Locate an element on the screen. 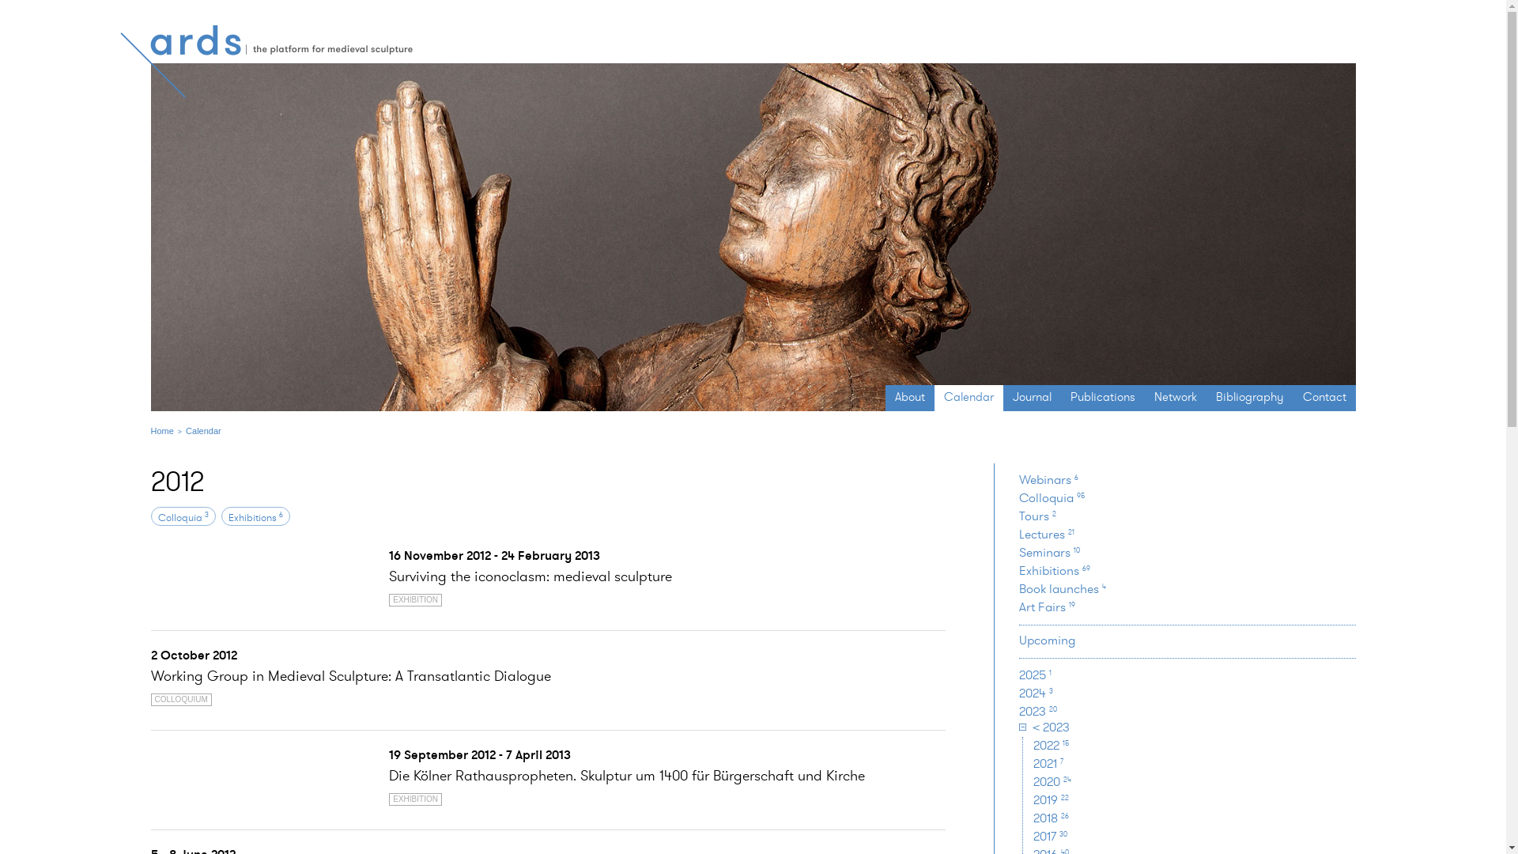 This screenshot has height=854, width=1518. '2 October 2012' is located at coordinates (150, 655).